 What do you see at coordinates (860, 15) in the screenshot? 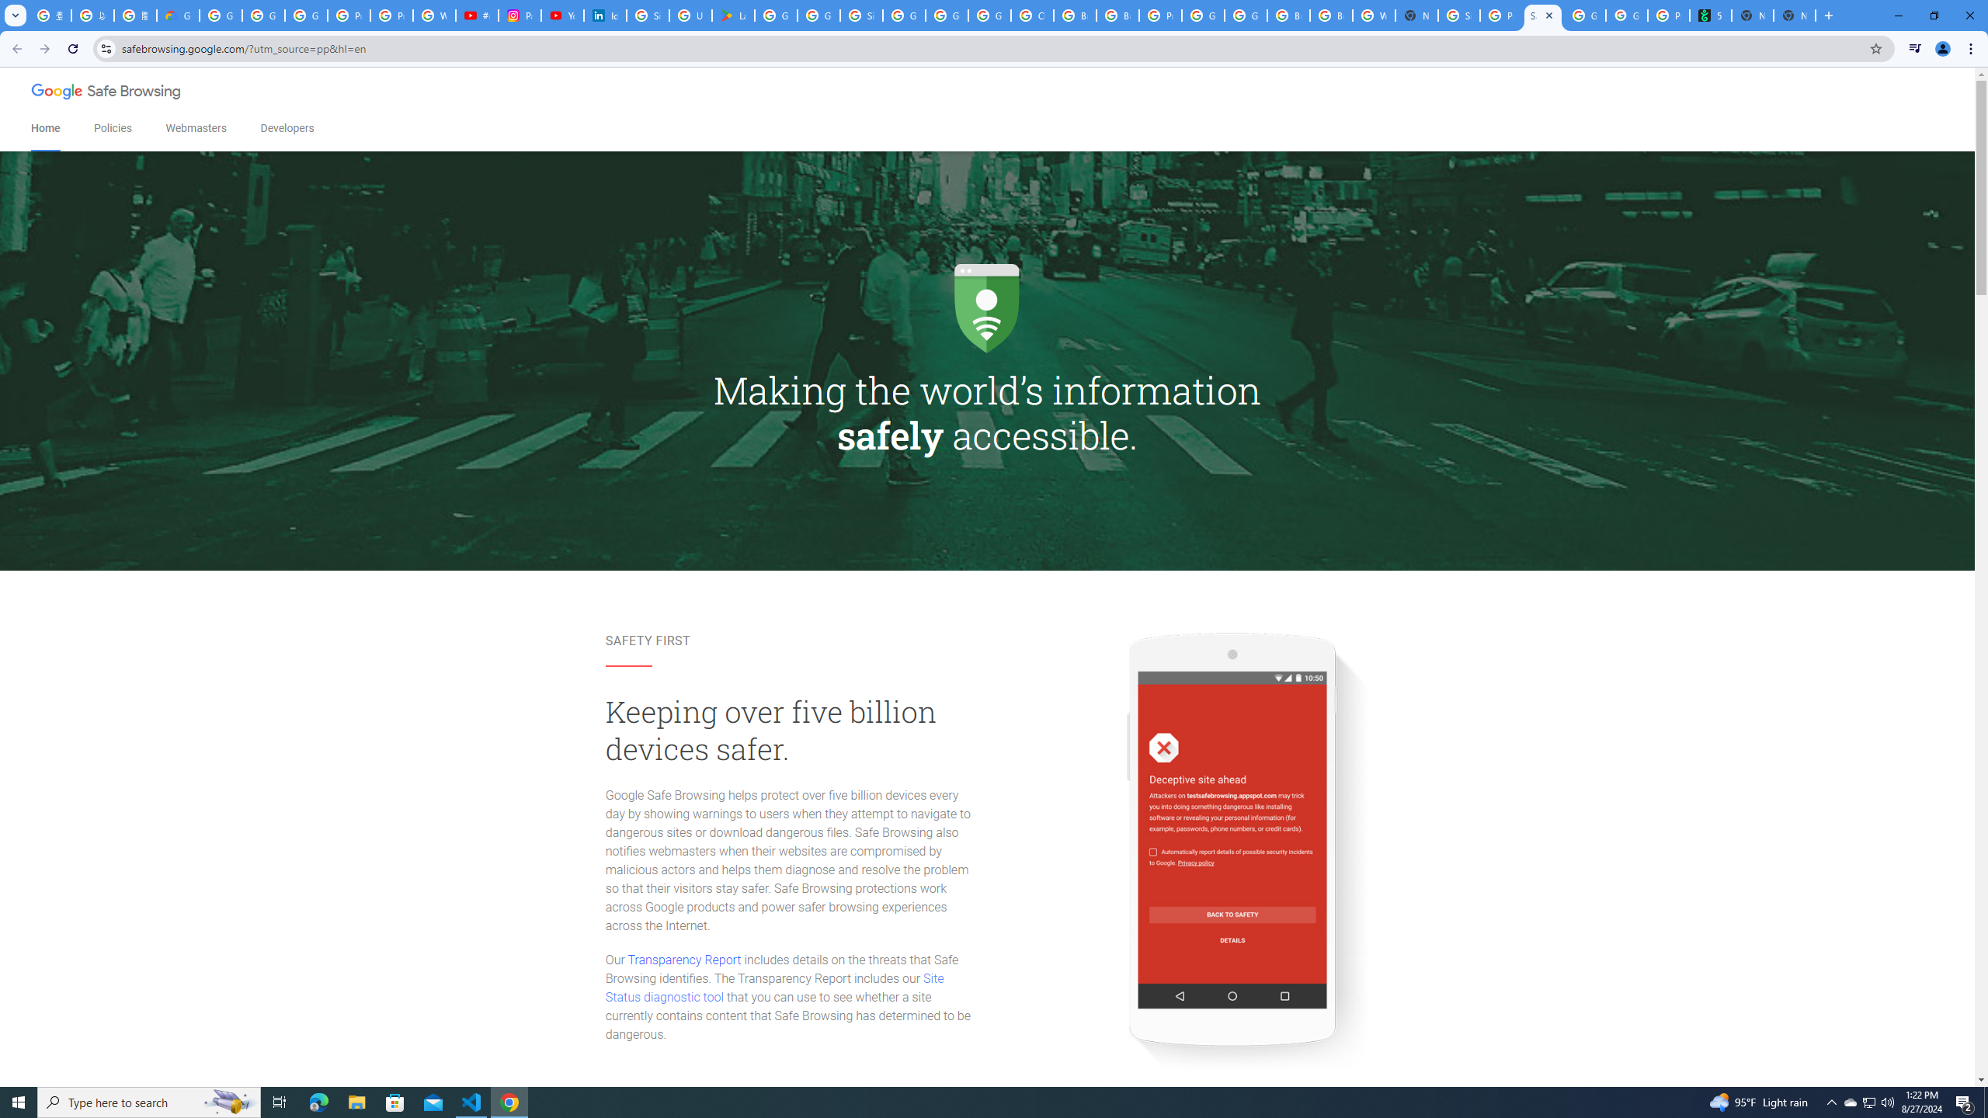
I see `'Sign in - Google Accounts'` at bounding box center [860, 15].